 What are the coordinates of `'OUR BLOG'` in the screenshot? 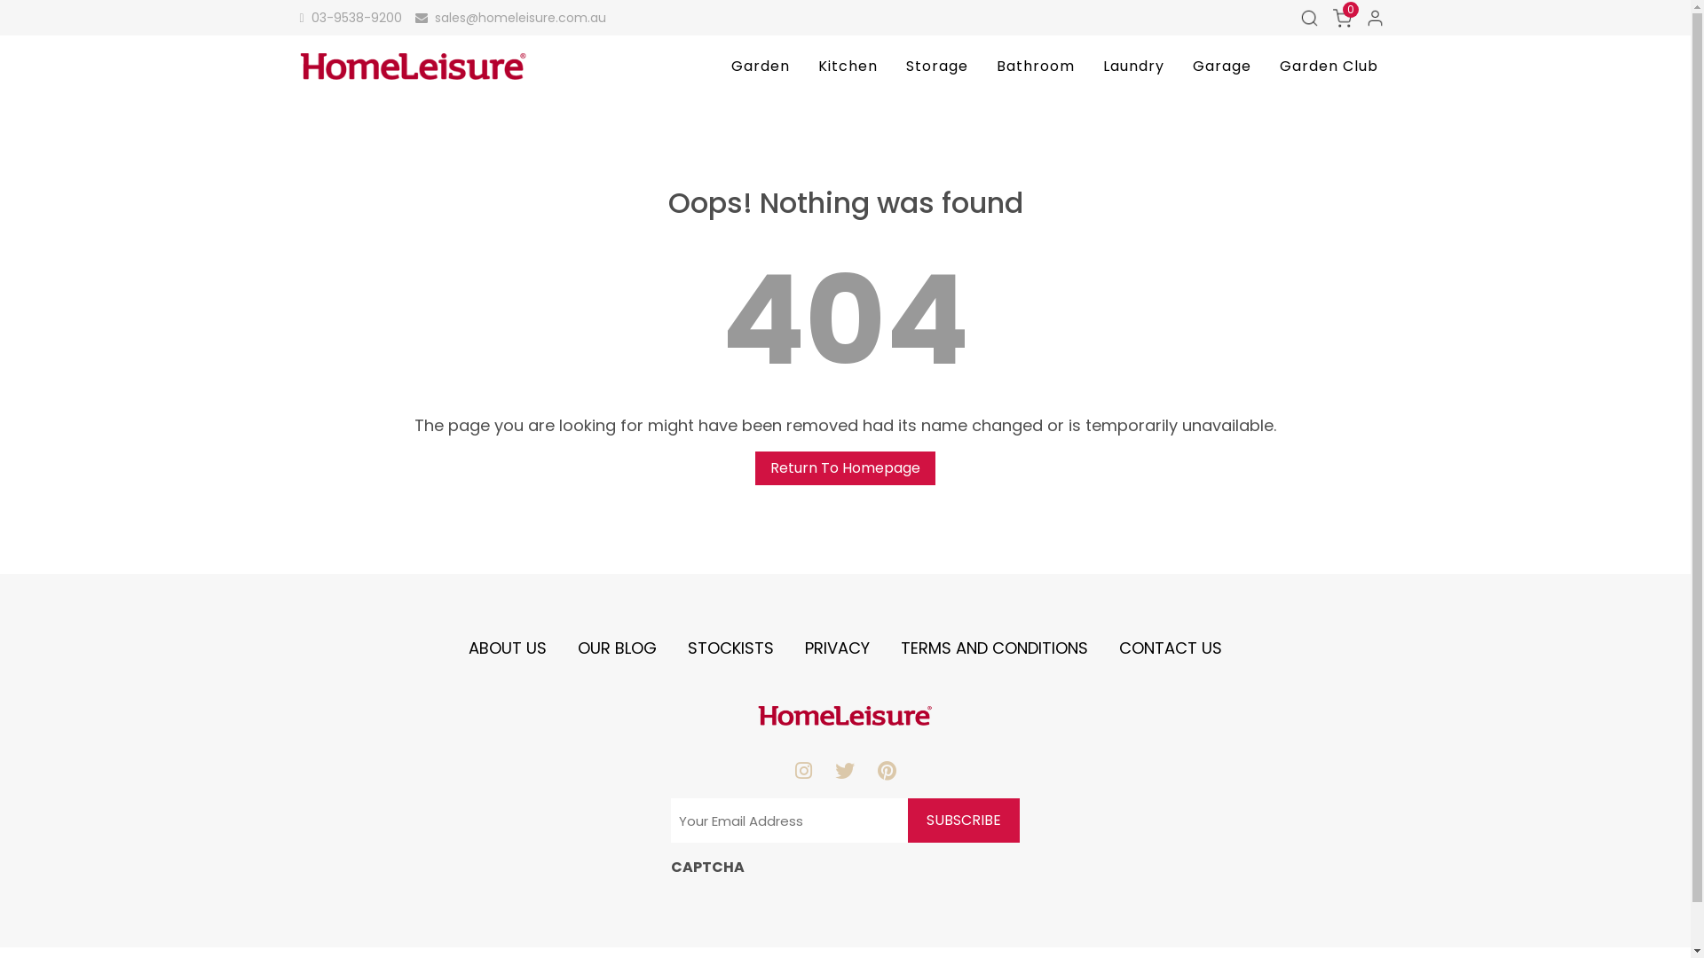 It's located at (617, 648).